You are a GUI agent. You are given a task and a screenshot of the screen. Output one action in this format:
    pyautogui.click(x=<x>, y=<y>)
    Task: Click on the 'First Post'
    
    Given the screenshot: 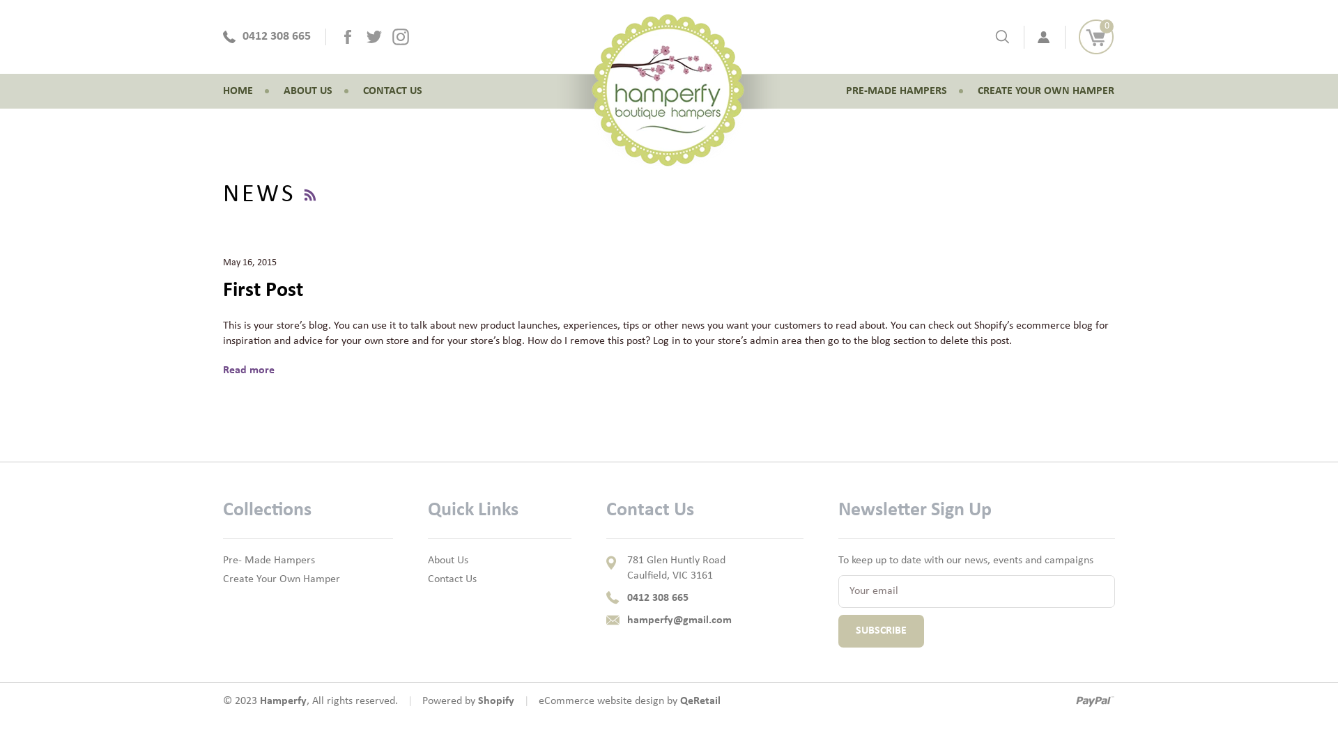 What is the action you would take?
    pyautogui.click(x=263, y=290)
    